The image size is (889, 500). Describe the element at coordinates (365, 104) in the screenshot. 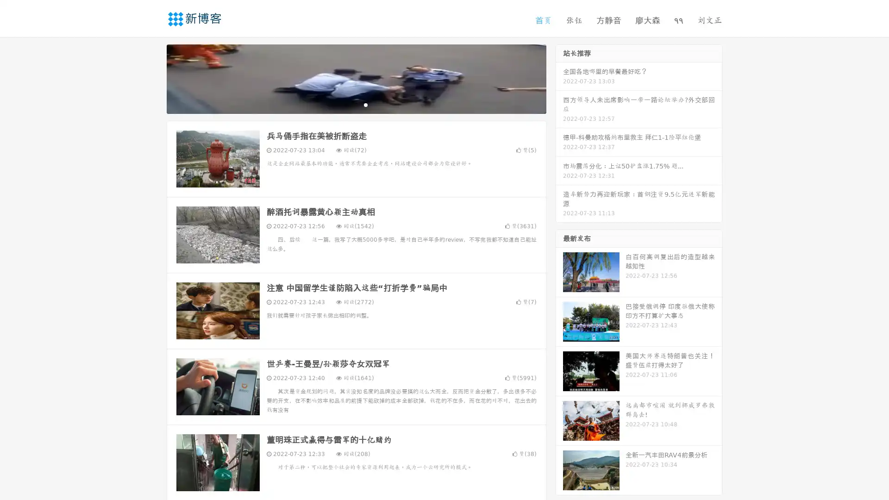

I see `Go to slide 3` at that location.